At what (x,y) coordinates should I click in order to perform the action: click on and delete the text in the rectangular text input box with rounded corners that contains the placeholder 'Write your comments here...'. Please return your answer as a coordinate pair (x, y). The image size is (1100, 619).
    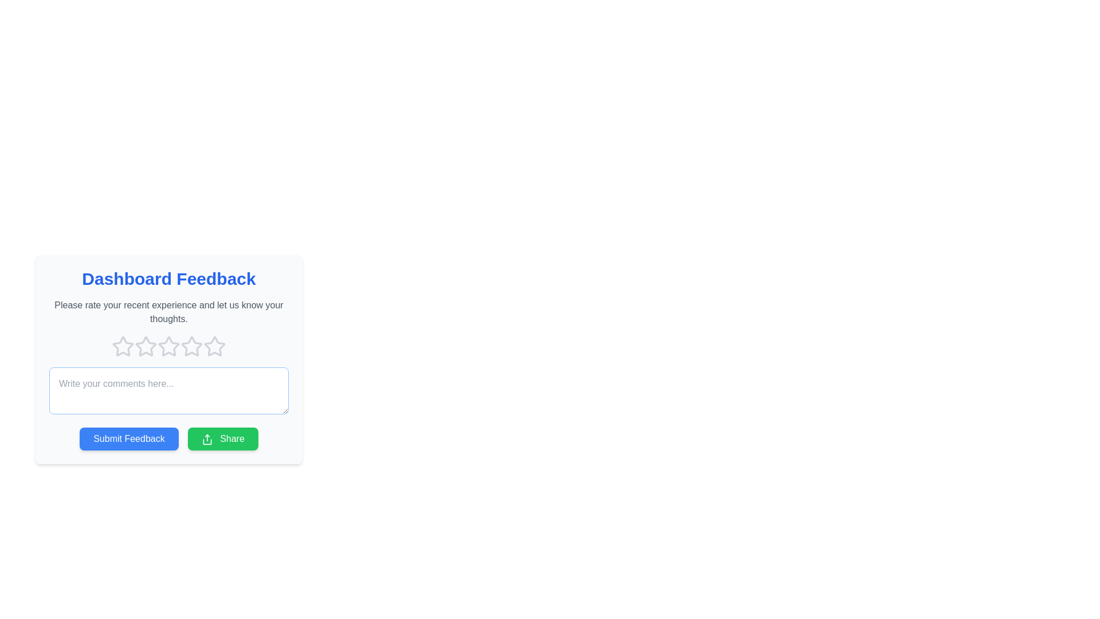
    Looking at the image, I should click on (168, 390).